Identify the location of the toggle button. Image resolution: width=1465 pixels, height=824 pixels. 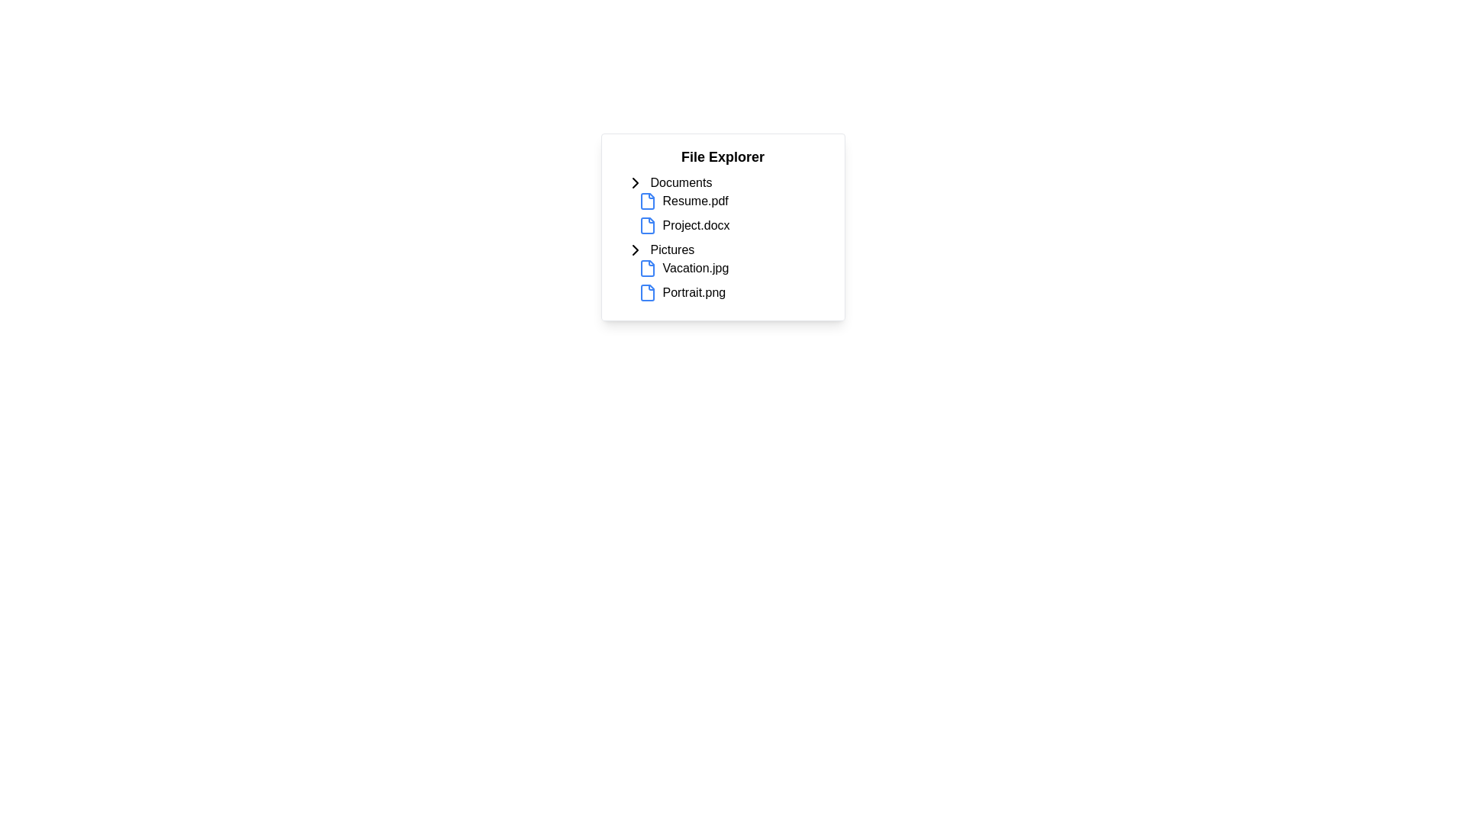
(635, 182).